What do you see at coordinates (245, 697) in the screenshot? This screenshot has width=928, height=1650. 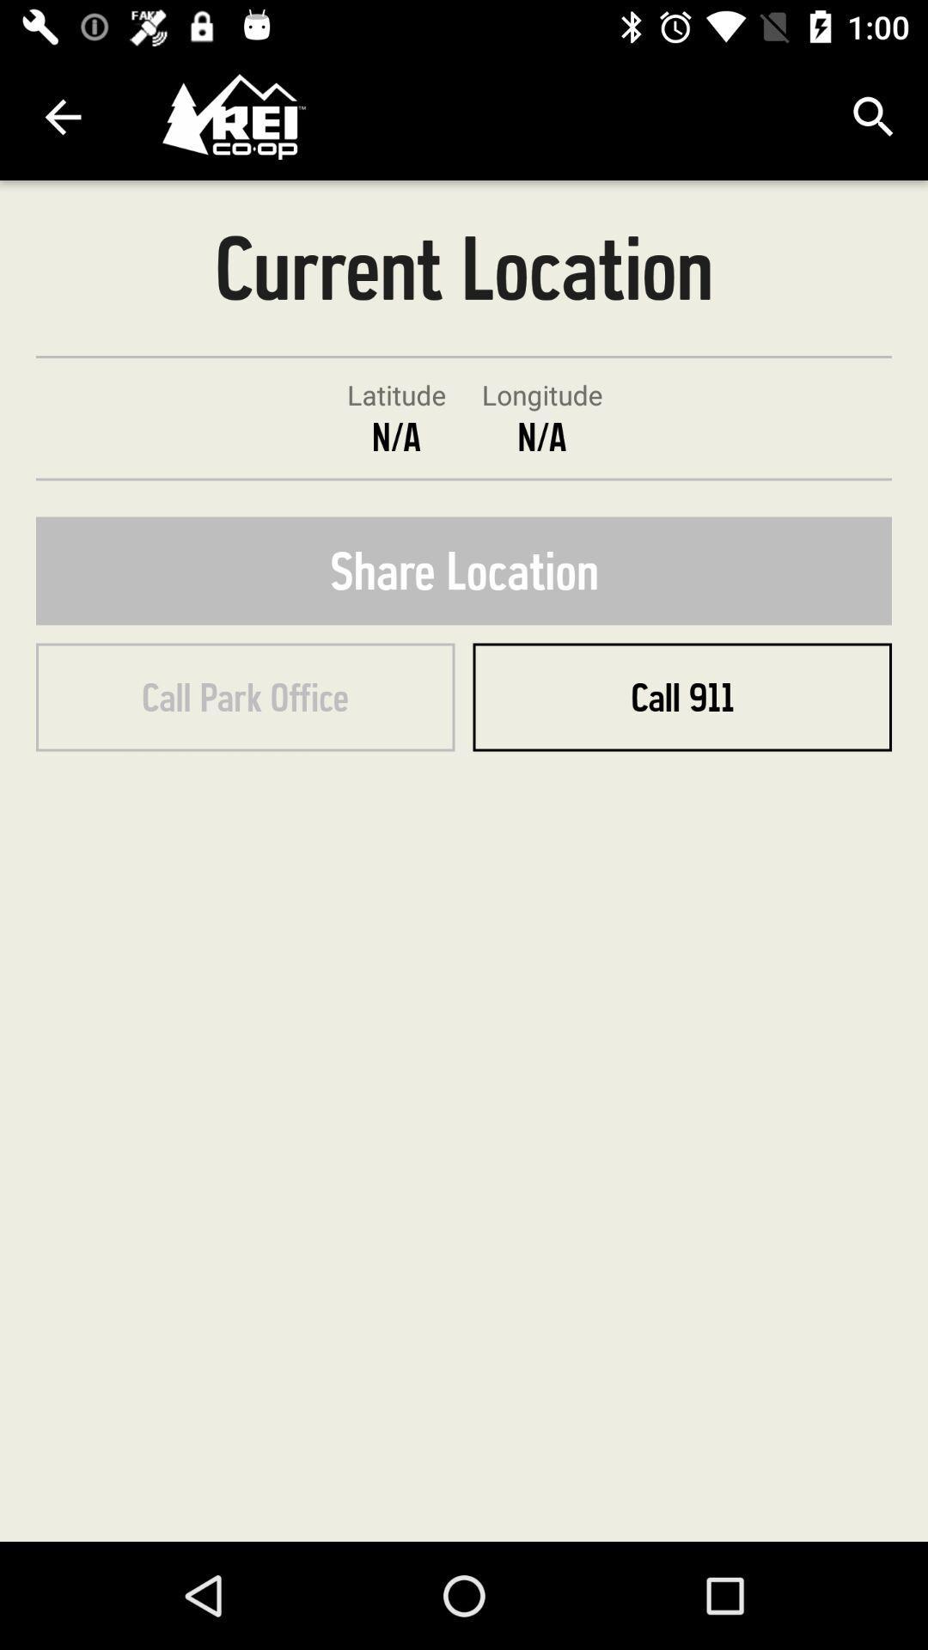 I see `icon below the share location icon` at bounding box center [245, 697].